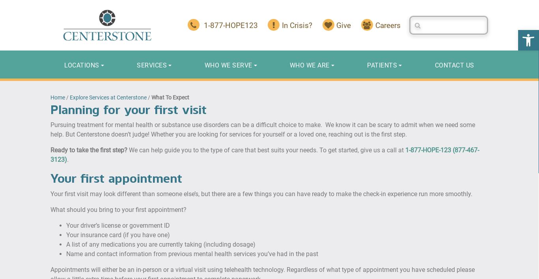 The image size is (539, 279). What do you see at coordinates (151, 65) in the screenshot?
I see `'Services'` at bounding box center [151, 65].